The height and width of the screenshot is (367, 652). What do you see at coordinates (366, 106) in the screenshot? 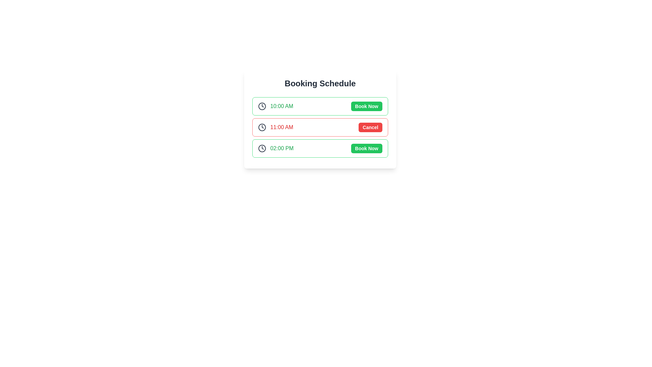
I see `the button on the far-right side of the row that allows users to book a slot for '10:00 AM' to change its color` at bounding box center [366, 106].